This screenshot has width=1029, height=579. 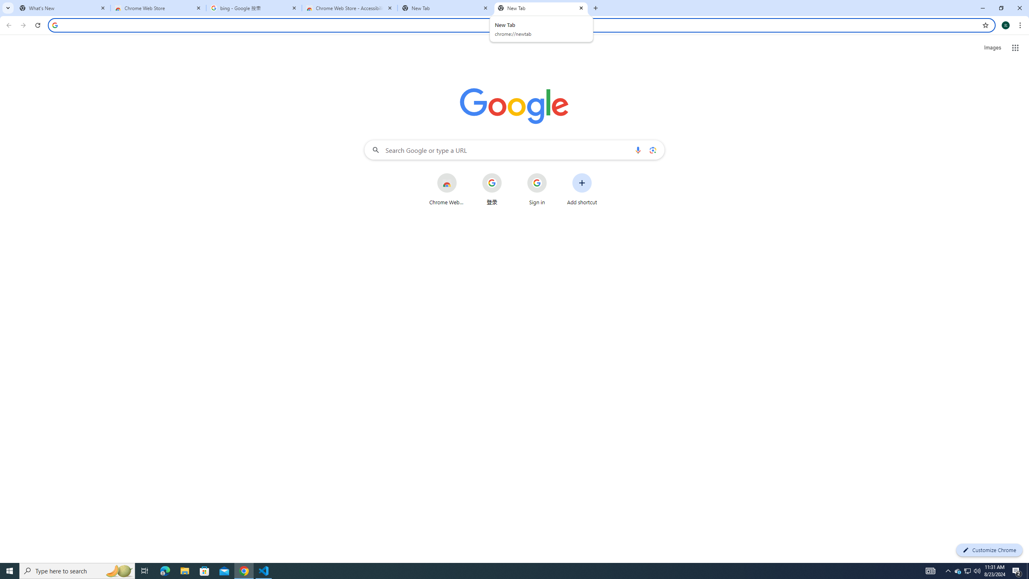 I want to click on 'More actions for Sign in shortcut', so click(x=553, y=174).